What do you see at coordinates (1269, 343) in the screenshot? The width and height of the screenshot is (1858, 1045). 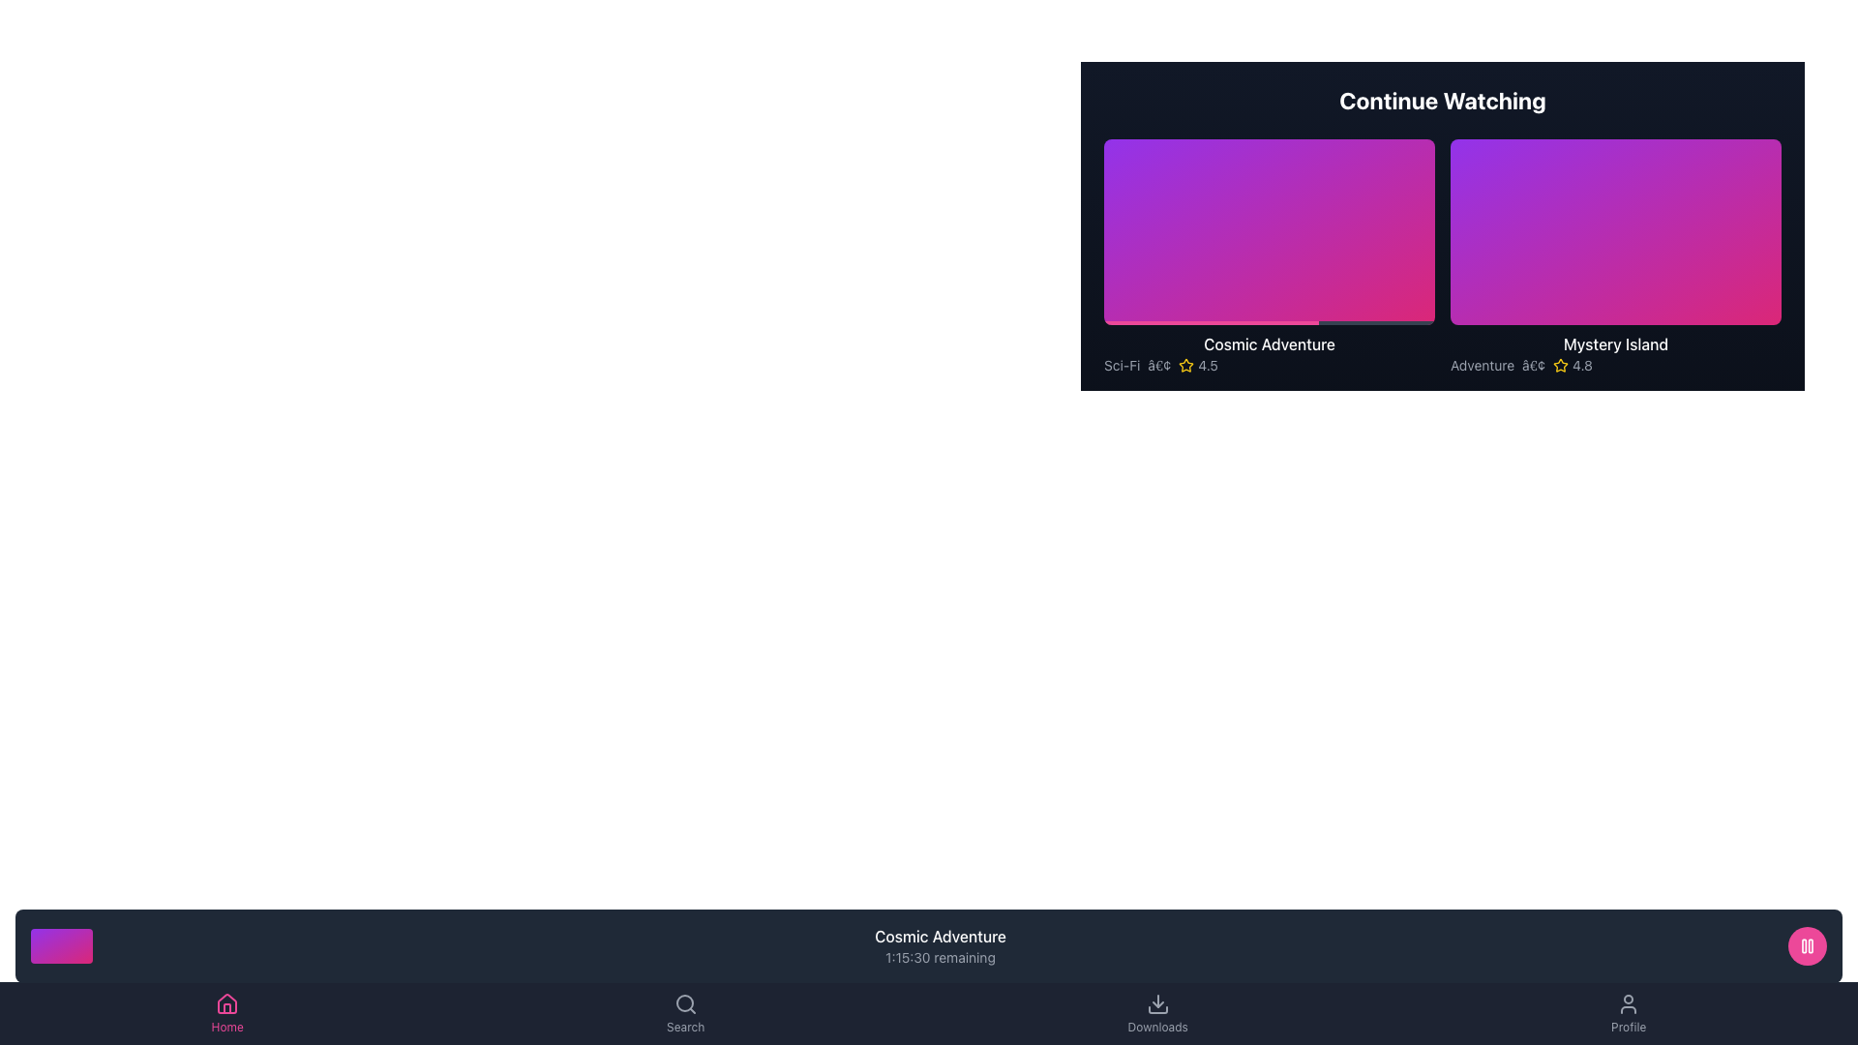 I see `text element titled 'Cosmic Adventure', which is displayed in medium font weight and is positioned above the genre and rating text, on a dark background` at bounding box center [1269, 343].